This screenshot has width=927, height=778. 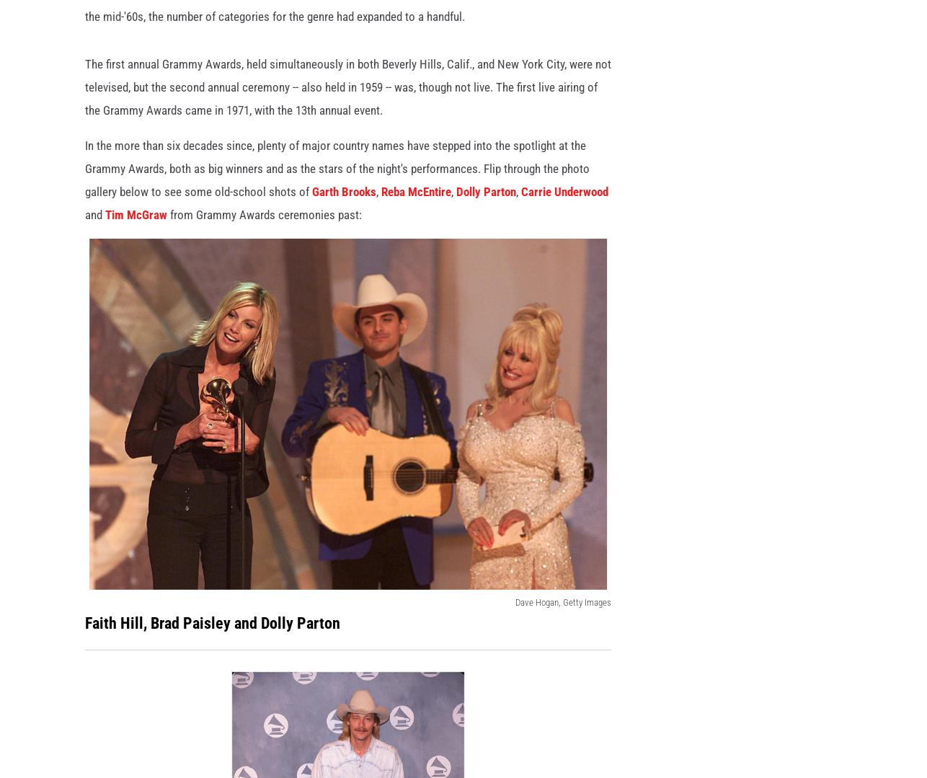 What do you see at coordinates (213, 645) in the screenshot?
I see `'Faith Hill, Brad Paisley and Dolly Parton'` at bounding box center [213, 645].